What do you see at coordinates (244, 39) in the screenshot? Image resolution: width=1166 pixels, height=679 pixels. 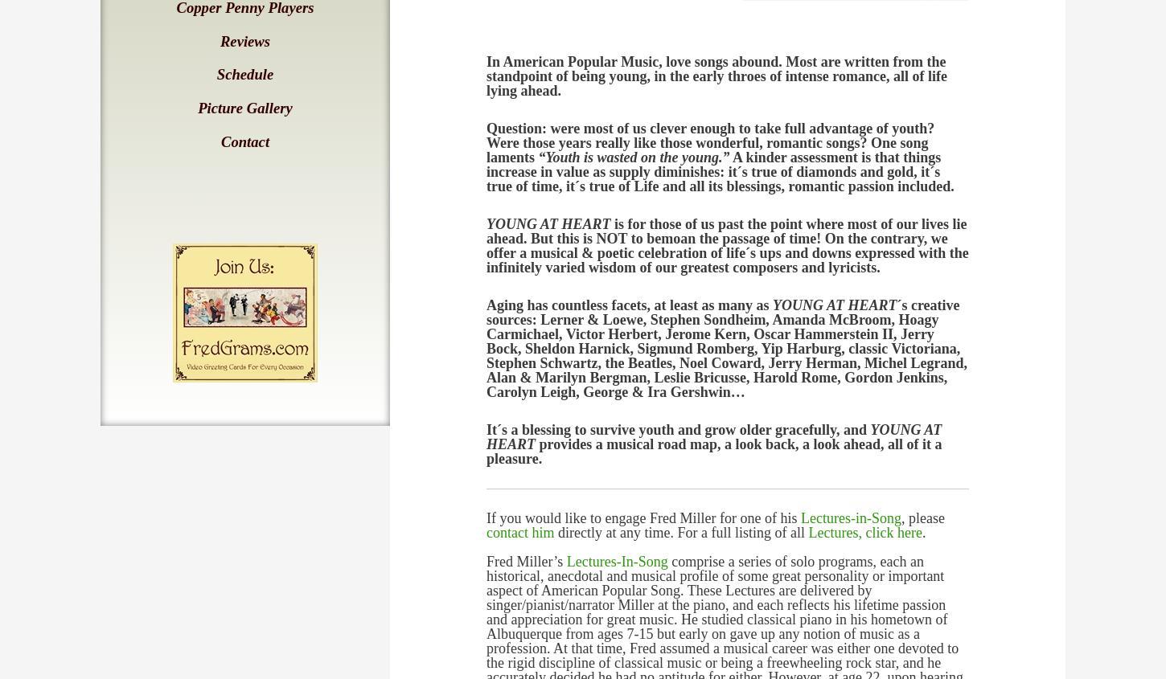 I see `'Reviews'` at bounding box center [244, 39].